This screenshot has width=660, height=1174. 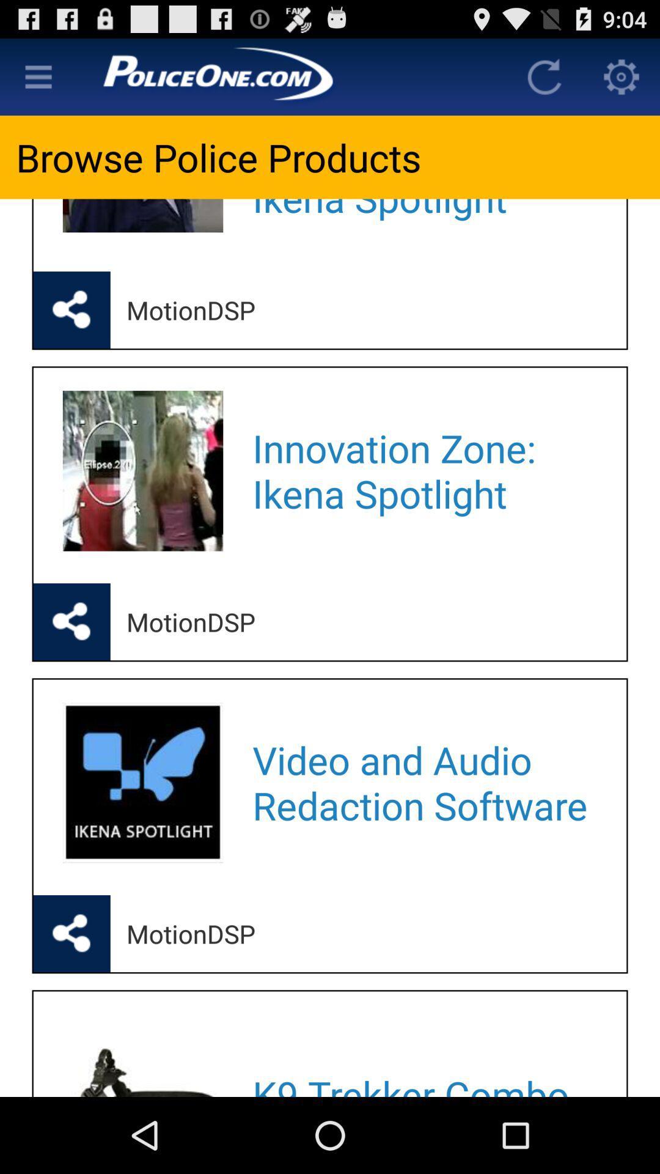 I want to click on item above the browse police products, so click(x=291, y=76).